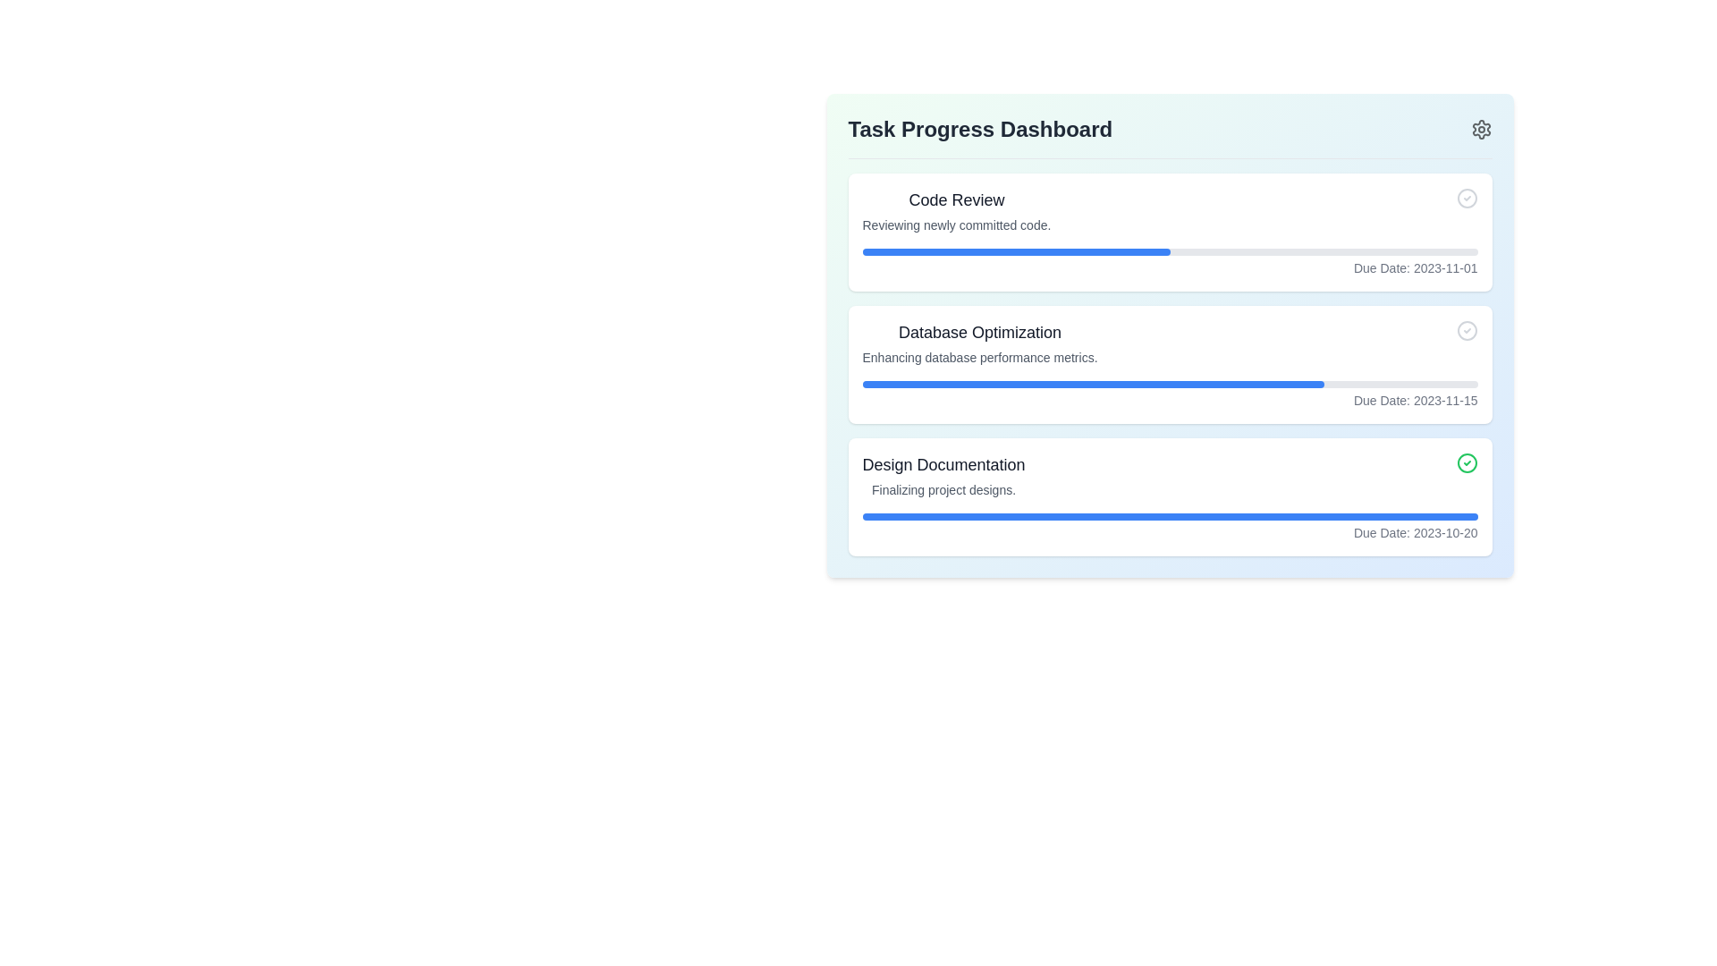 Image resolution: width=1717 pixels, height=966 pixels. I want to click on displayed text from the title label located at the top of the third task card in the vertical task list on the dashboard, so click(943, 464).